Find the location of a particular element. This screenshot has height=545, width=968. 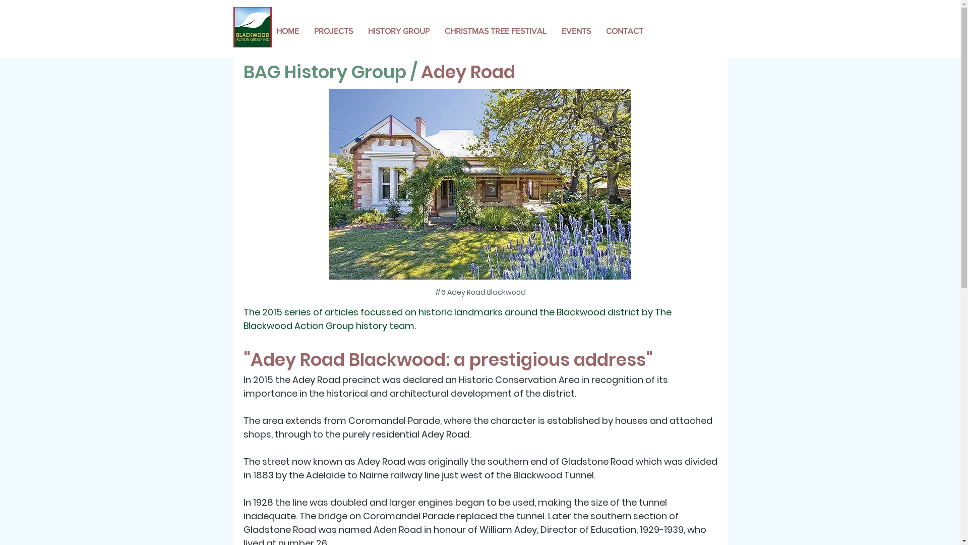

'CHRISTMAS TREE FESTIVAL' is located at coordinates (495, 30).